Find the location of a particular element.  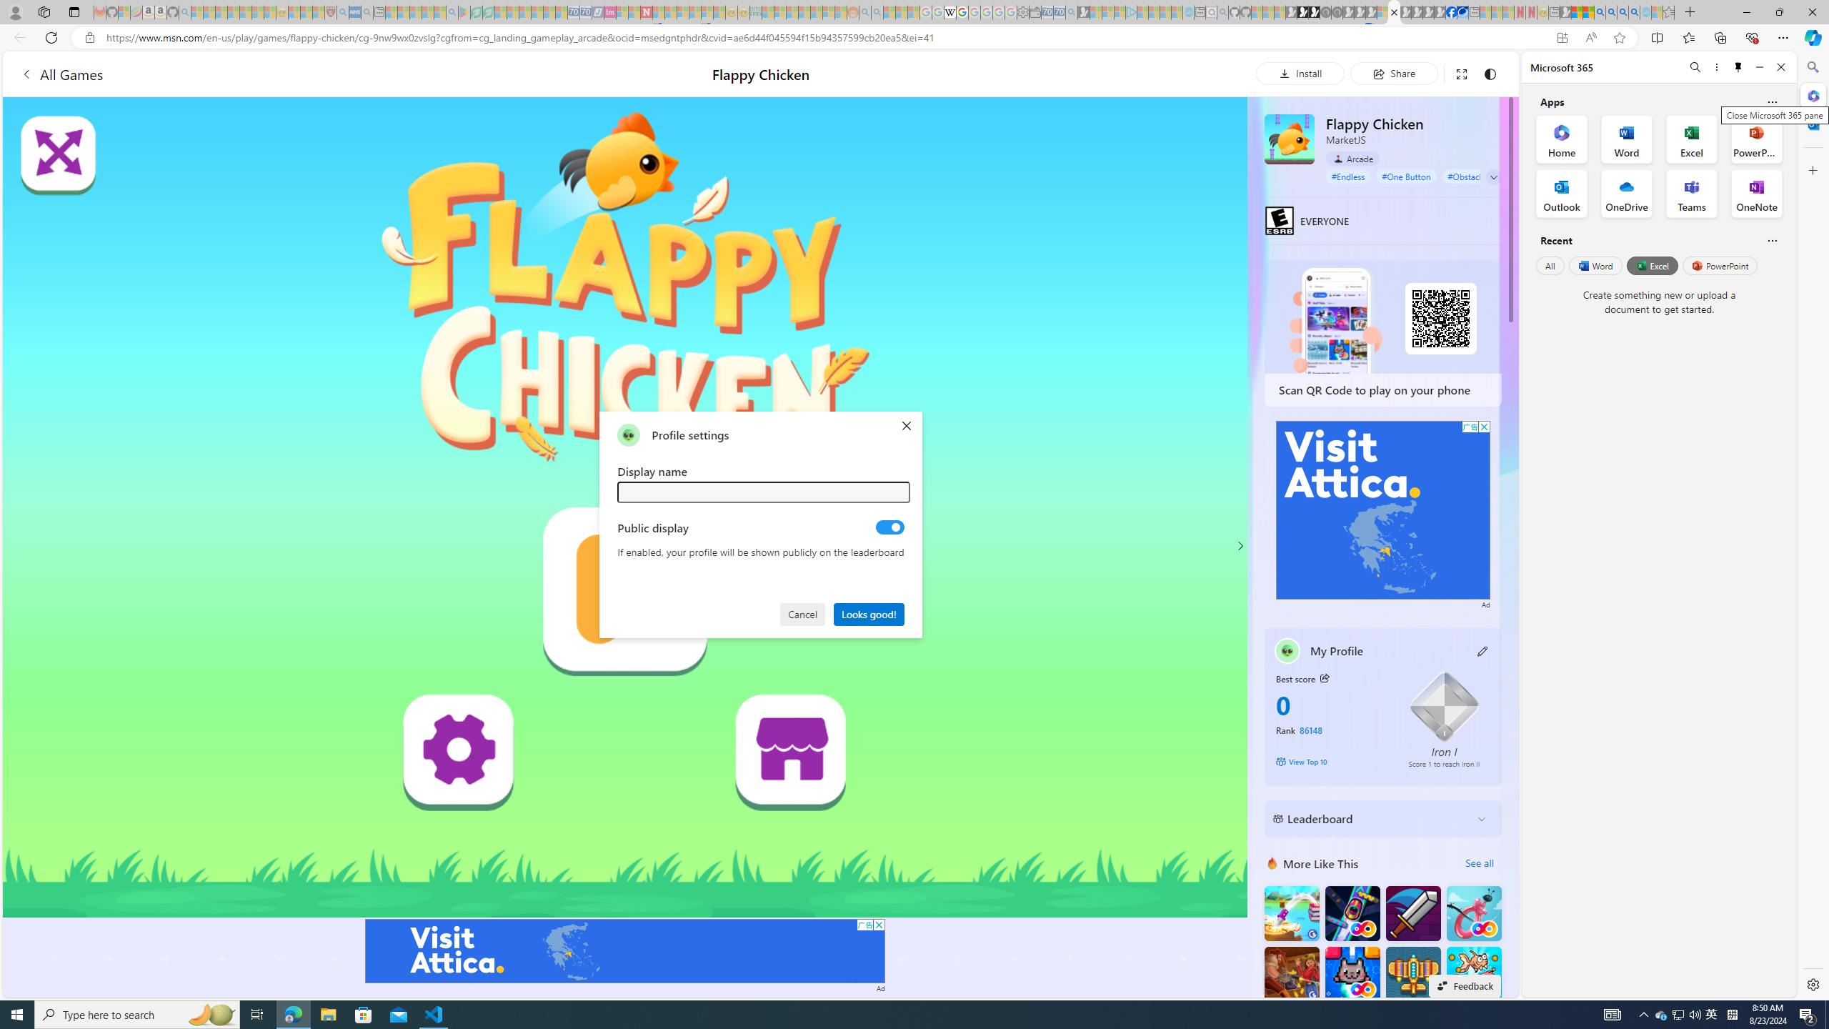

'Excel Office App' is located at coordinates (1692, 139).